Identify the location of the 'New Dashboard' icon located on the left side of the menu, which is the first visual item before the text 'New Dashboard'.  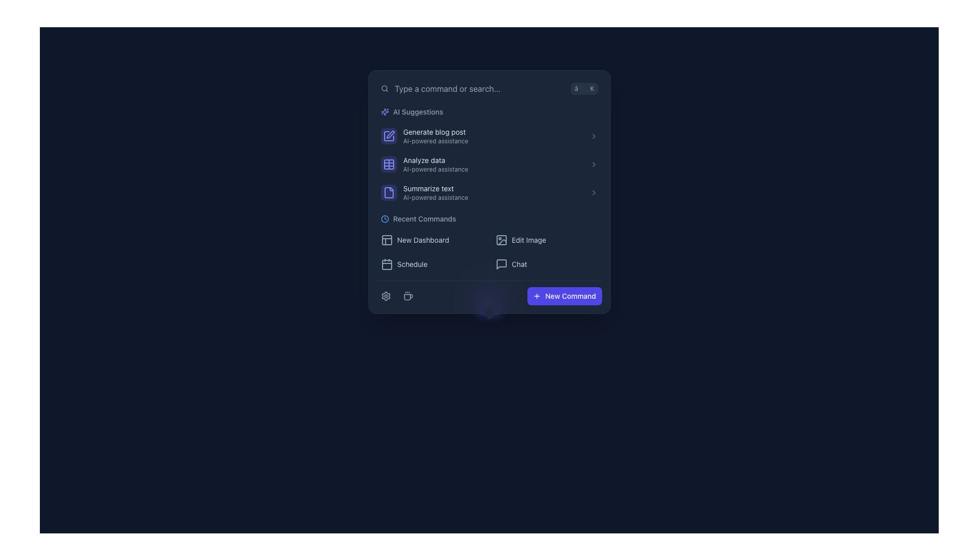
(386, 240).